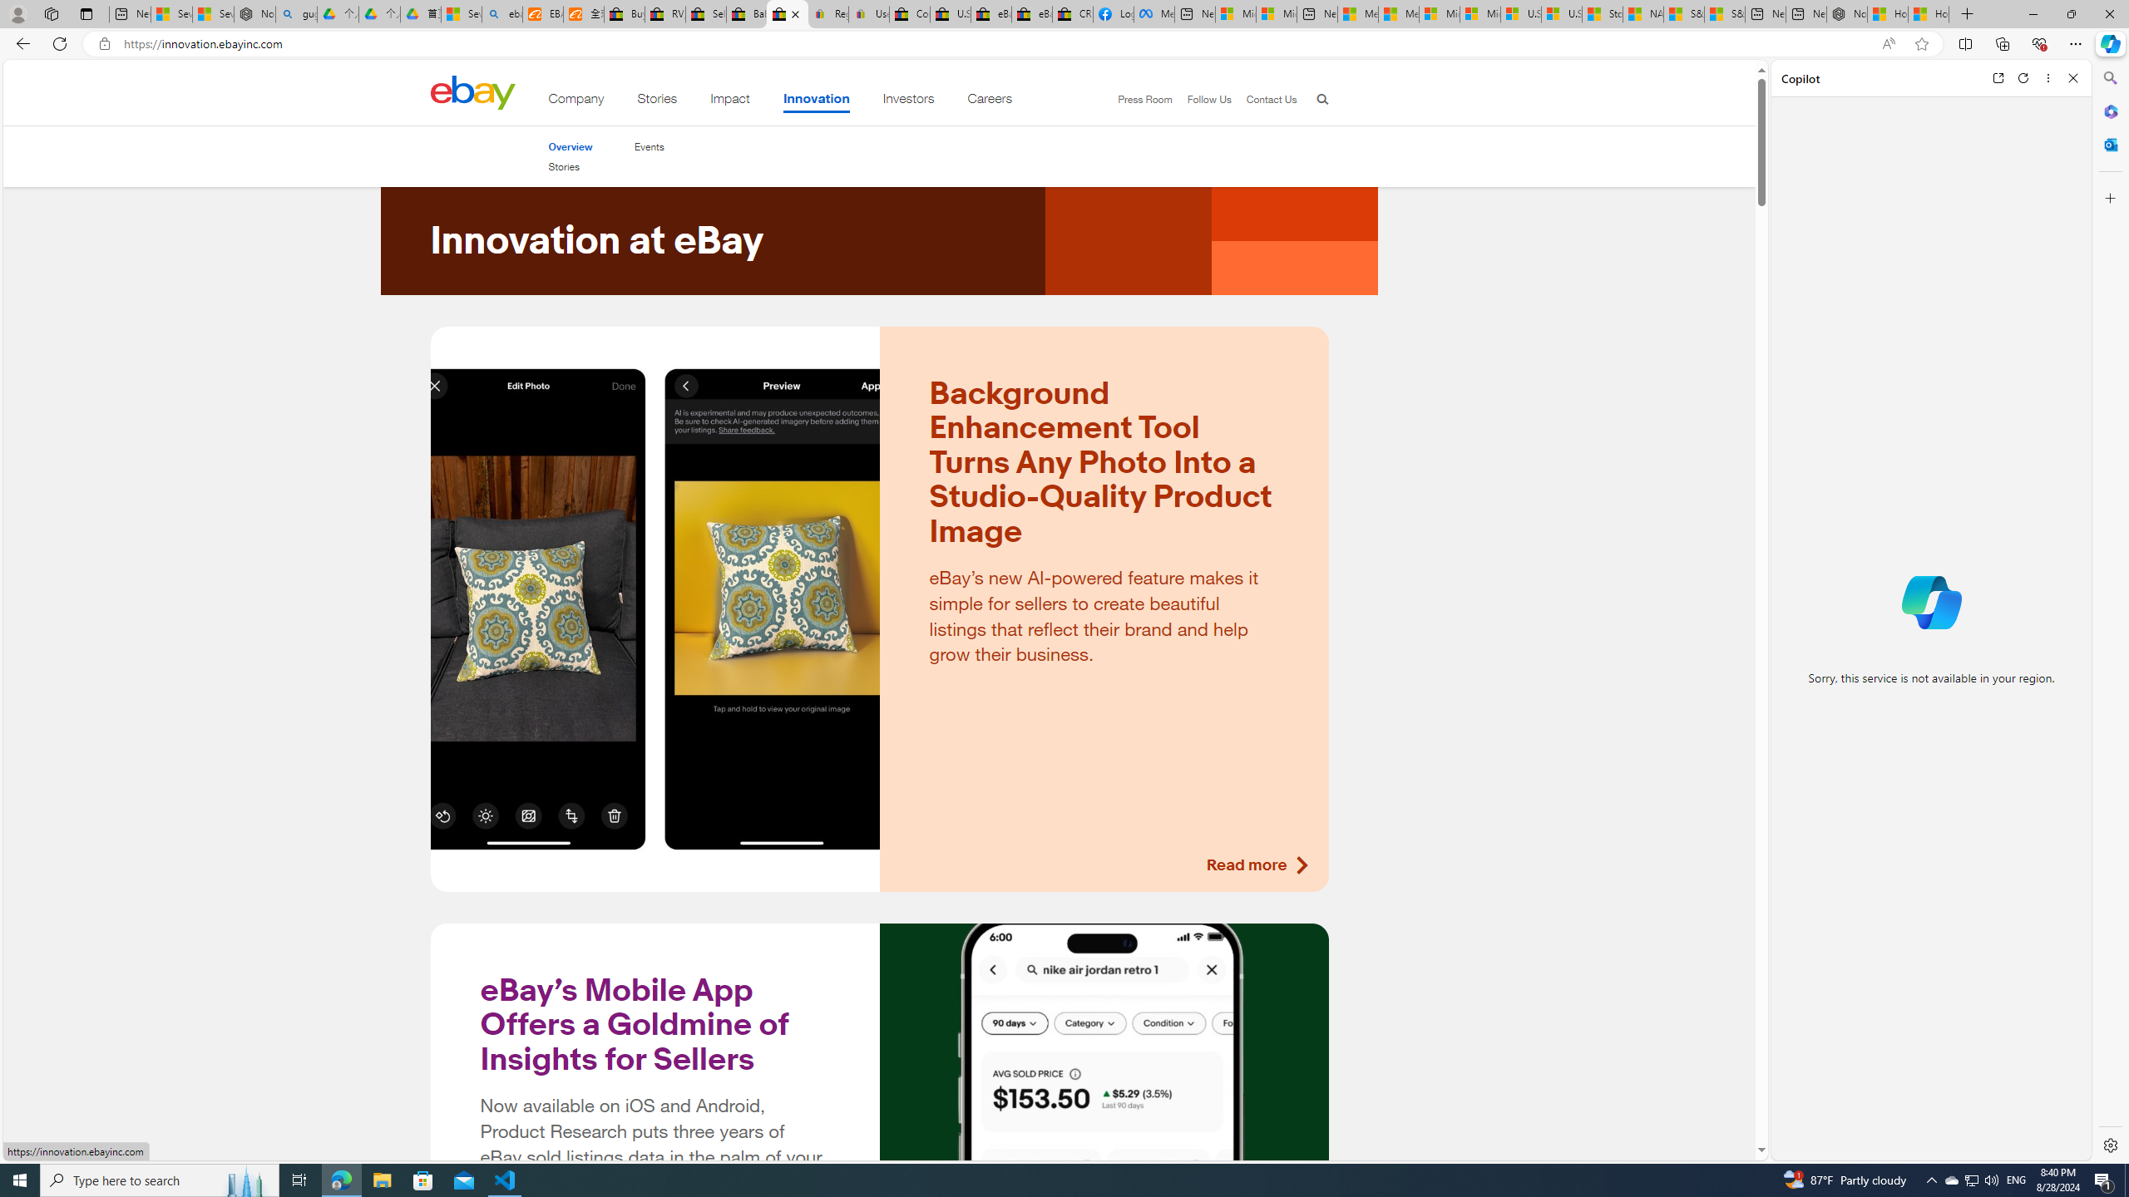  What do you see at coordinates (1723, 13) in the screenshot?
I see `'S&P 500, Nasdaq end lower, weighed by Nvidia dip | Watch'` at bounding box center [1723, 13].